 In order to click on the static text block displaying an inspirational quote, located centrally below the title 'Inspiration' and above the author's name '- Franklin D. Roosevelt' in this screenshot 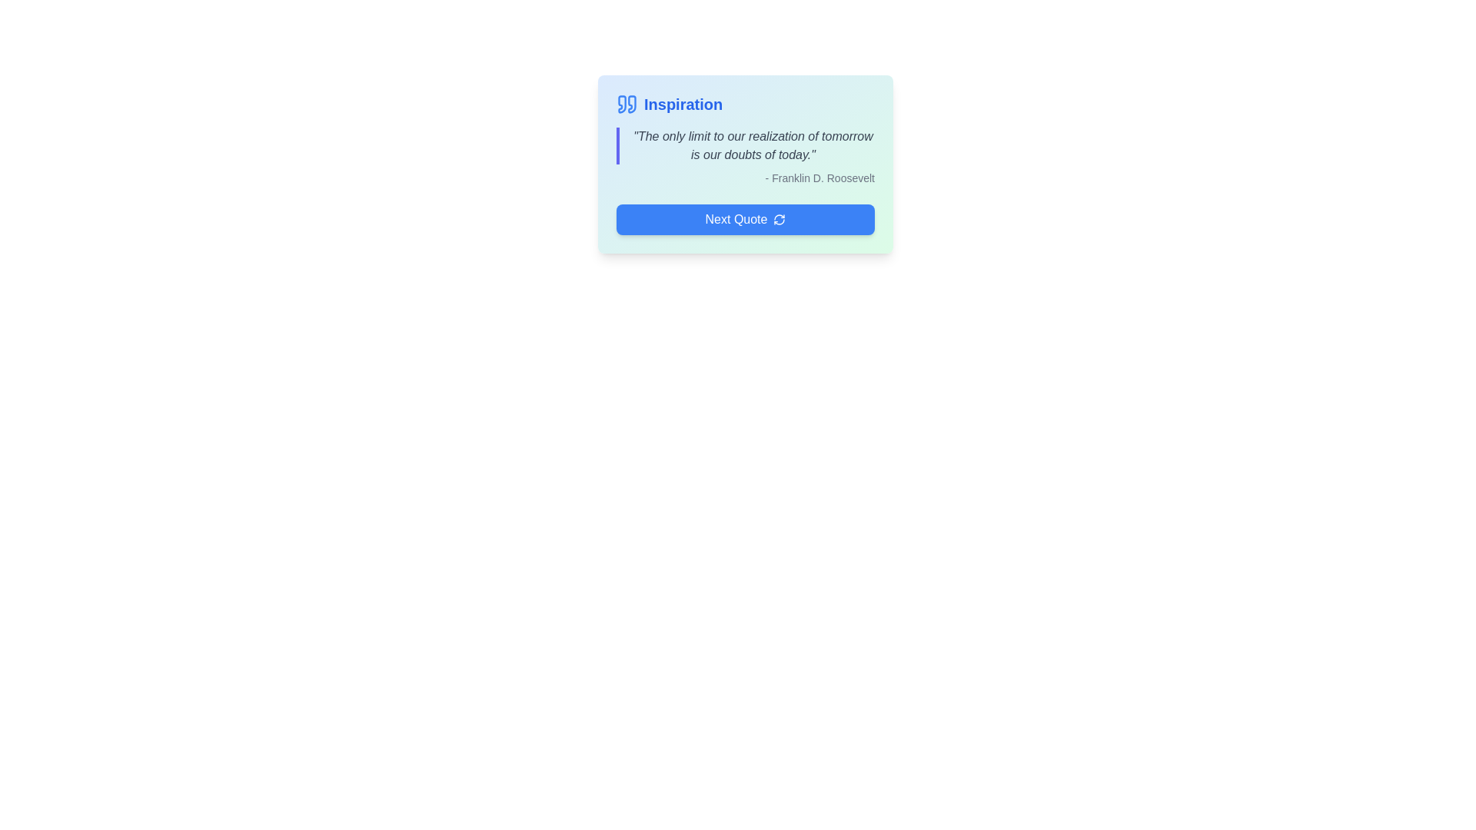, I will do `click(745, 145)`.